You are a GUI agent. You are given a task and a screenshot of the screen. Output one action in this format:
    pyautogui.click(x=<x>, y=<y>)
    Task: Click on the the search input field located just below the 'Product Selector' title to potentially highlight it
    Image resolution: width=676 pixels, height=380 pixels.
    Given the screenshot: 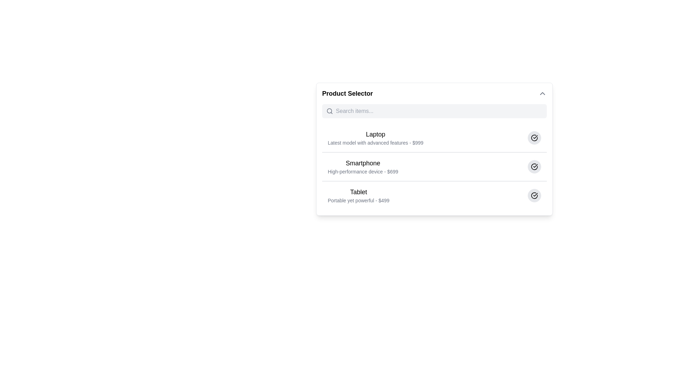 What is the action you would take?
    pyautogui.click(x=434, y=111)
    